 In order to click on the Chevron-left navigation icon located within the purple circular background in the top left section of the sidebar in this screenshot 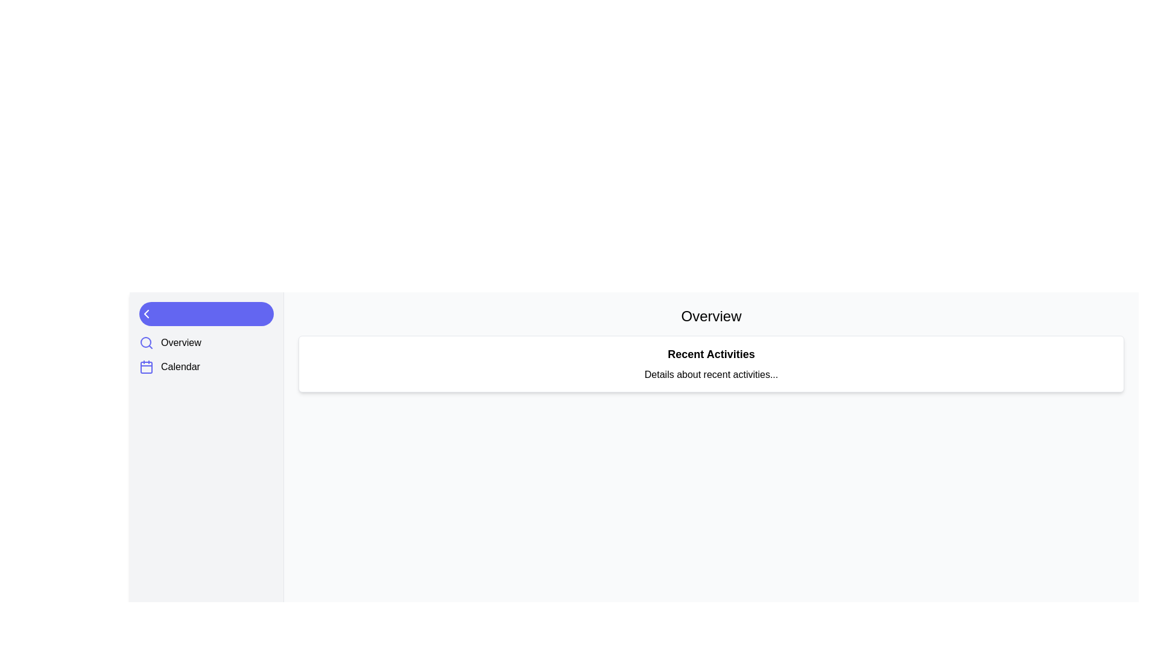, I will do `click(146, 313)`.